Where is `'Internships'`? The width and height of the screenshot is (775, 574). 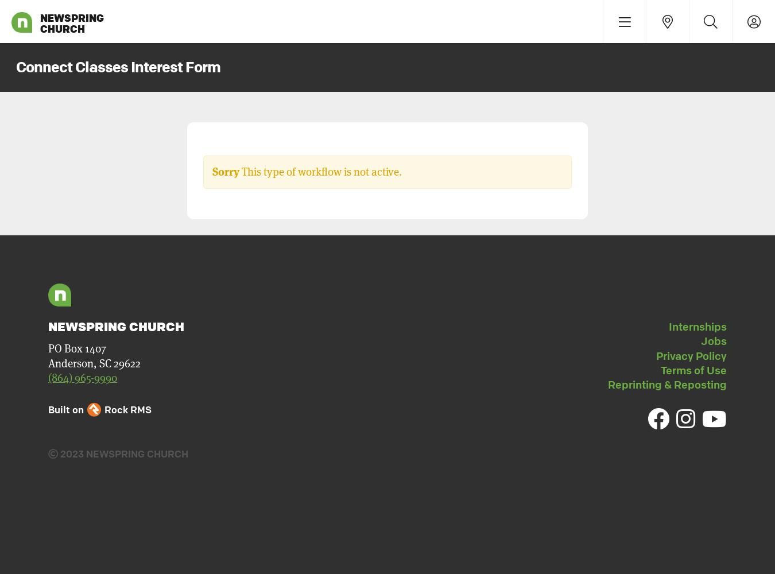
'Internships' is located at coordinates (697, 326).